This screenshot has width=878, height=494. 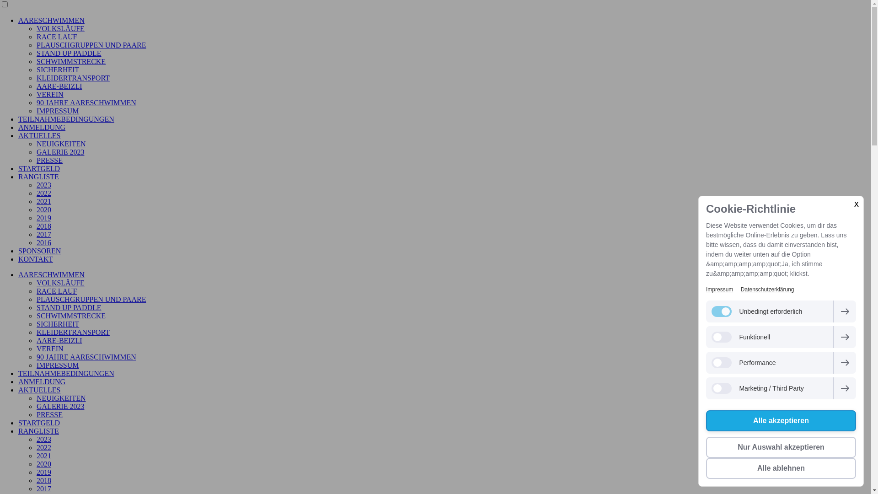 What do you see at coordinates (18, 251) in the screenshot?
I see `'SPONSOREN'` at bounding box center [18, 251].